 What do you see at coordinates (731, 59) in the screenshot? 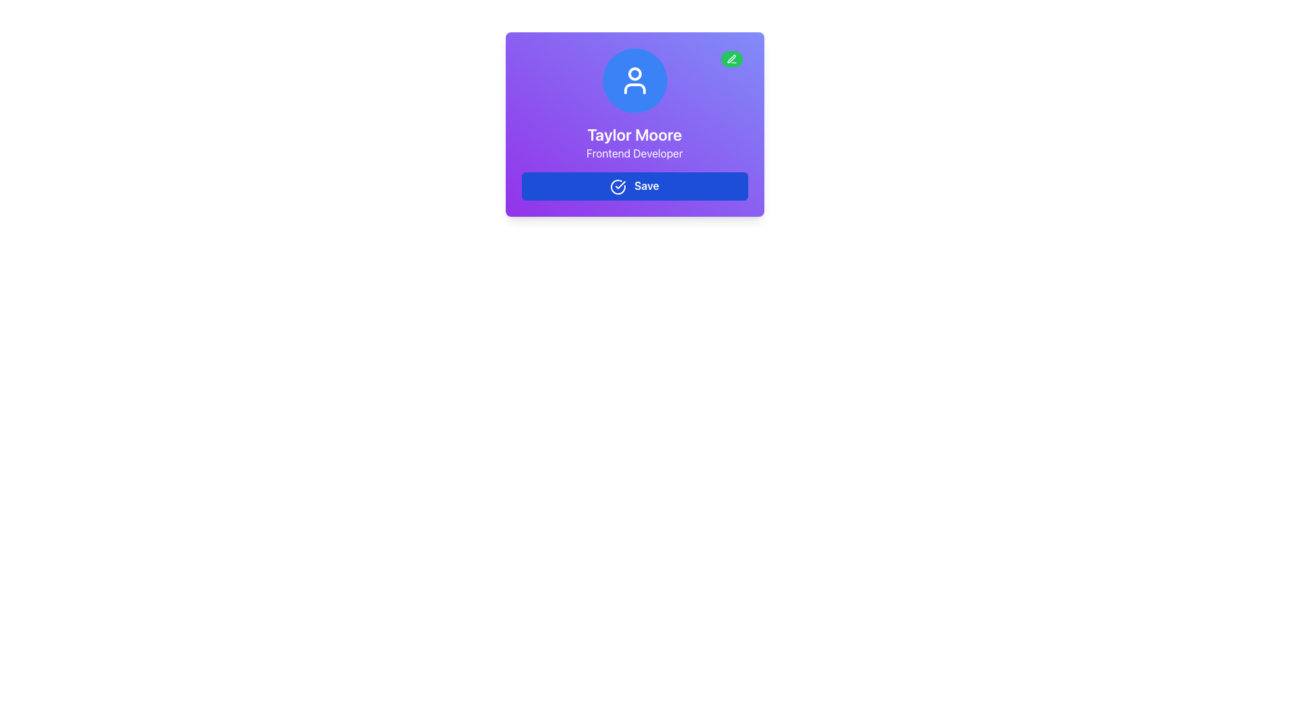
I see `the edit button located in the top-right corner of the card component` at bounding box center [731, 59].